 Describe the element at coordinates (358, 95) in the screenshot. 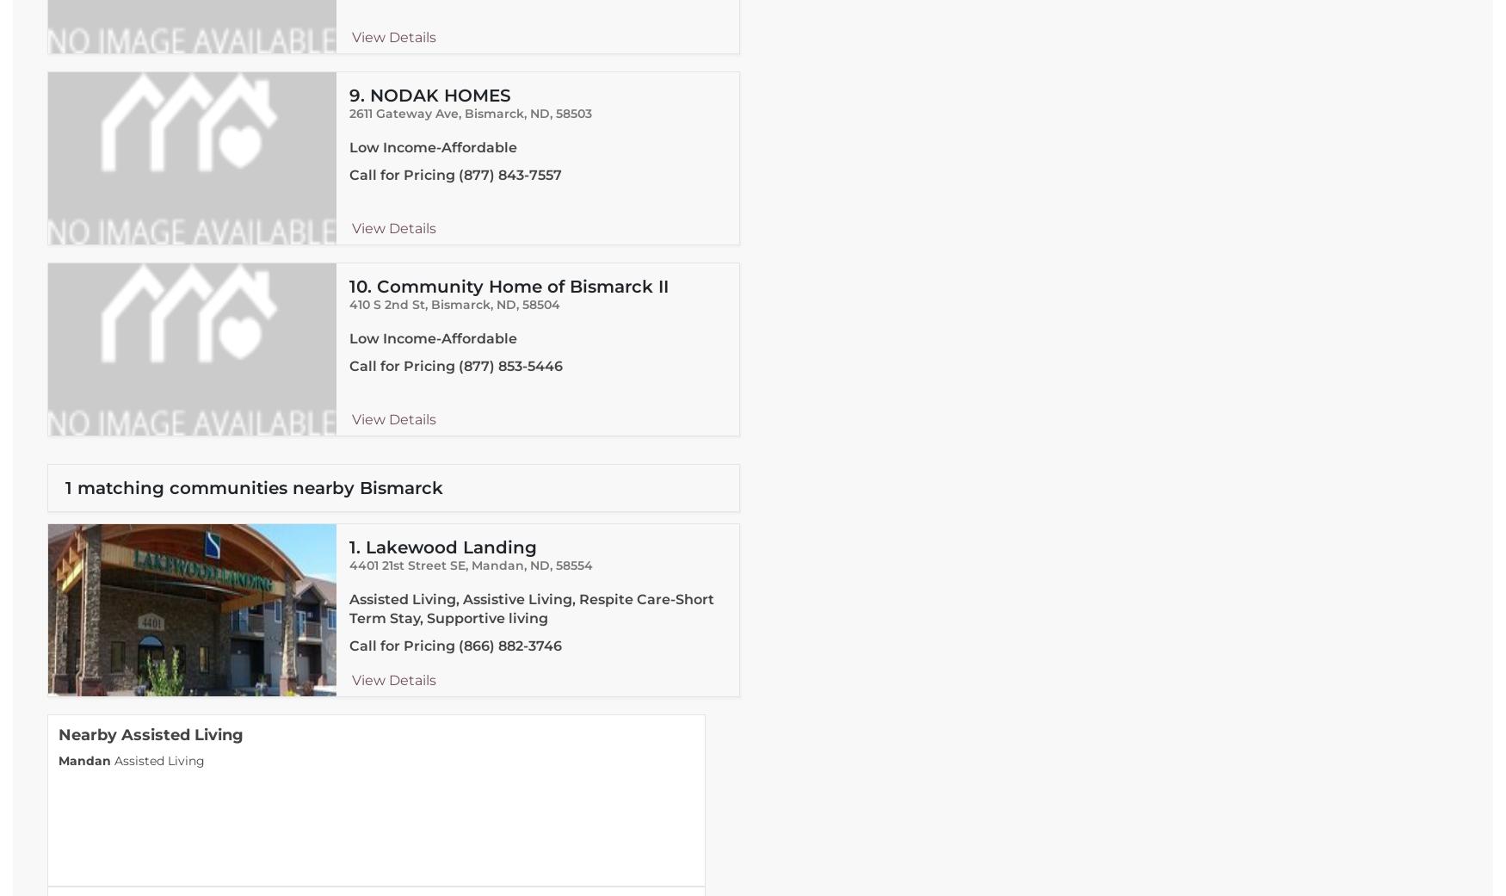

I see `'9.'` at that location.